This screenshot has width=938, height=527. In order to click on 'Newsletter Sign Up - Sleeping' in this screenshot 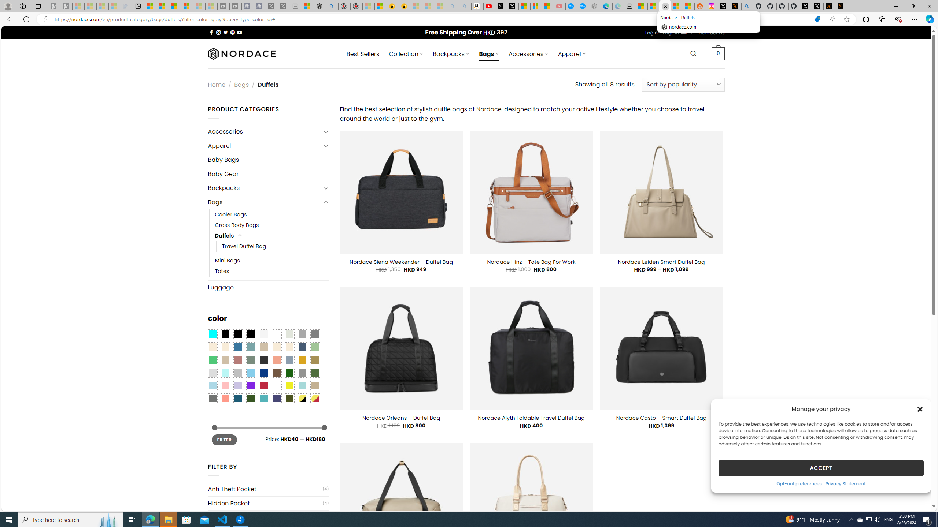, I will do `click(66, 6)`.